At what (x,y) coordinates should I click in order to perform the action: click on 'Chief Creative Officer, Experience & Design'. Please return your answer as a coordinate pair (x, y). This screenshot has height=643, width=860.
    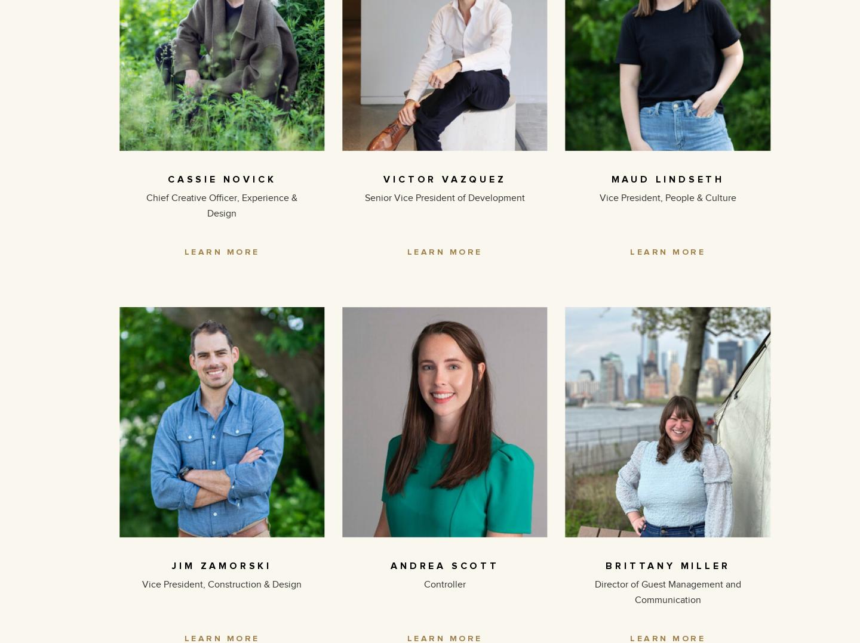
    Looking at the image, I should click on (145, 204).